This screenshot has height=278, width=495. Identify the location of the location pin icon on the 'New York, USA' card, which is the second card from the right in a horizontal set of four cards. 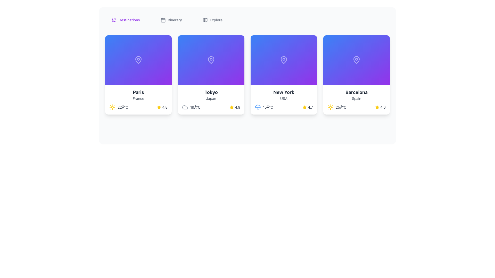
(283, 59).